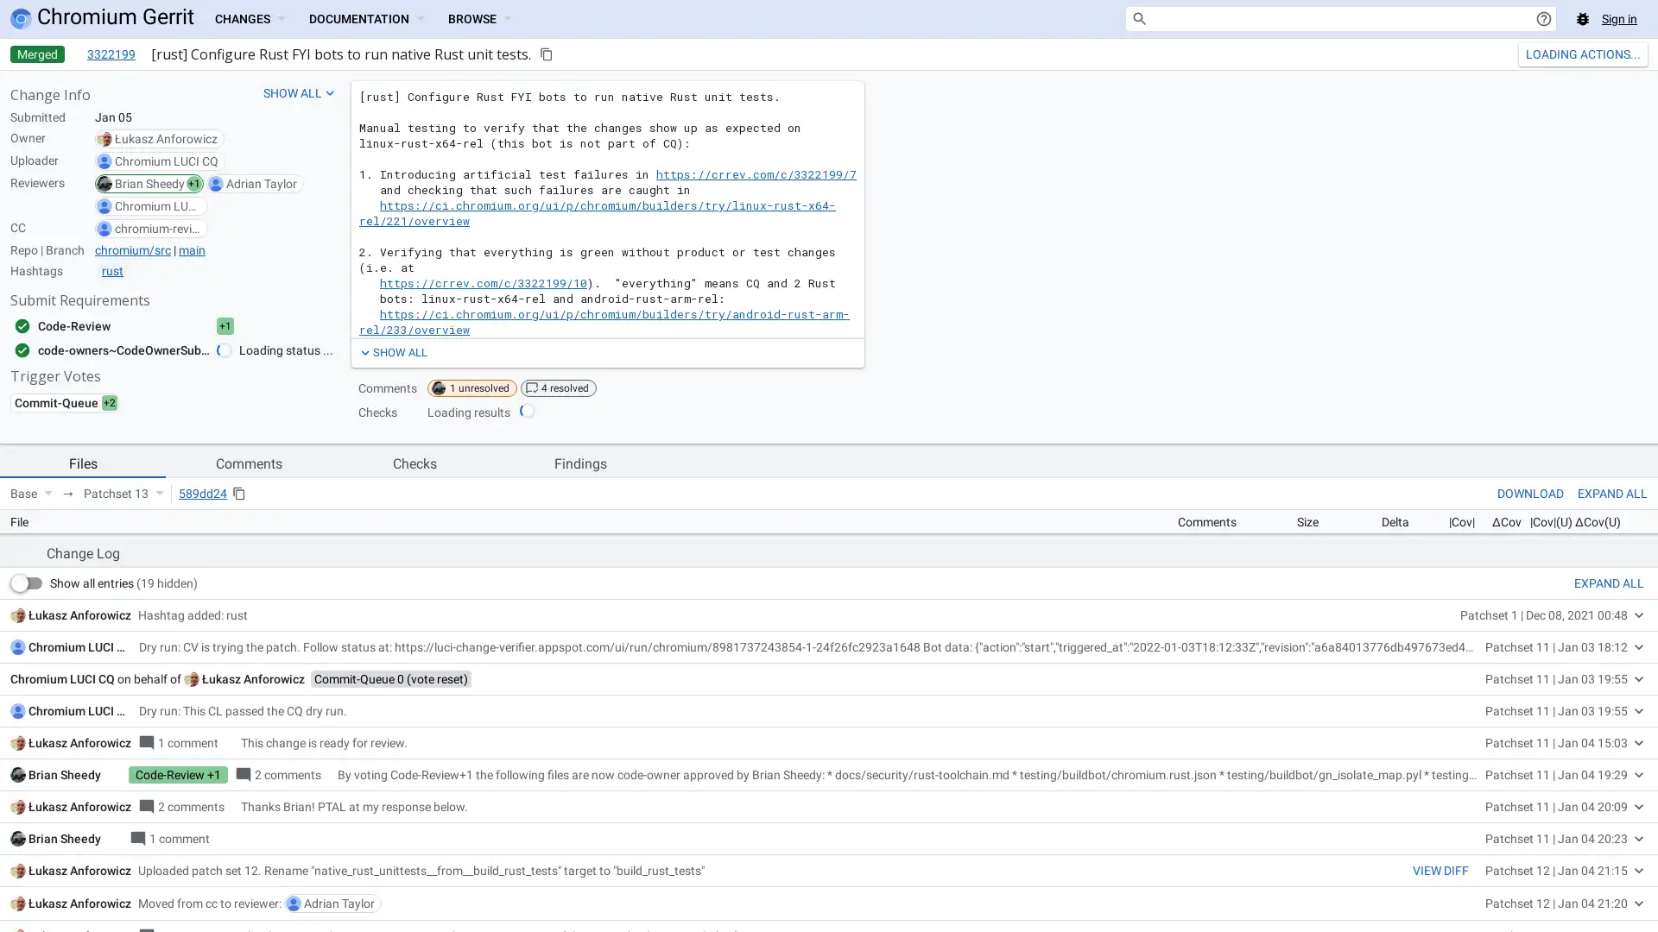 This screenshot has height=932, width=1658. I want to click on ukasz Anforowicz, so click(252, 916).